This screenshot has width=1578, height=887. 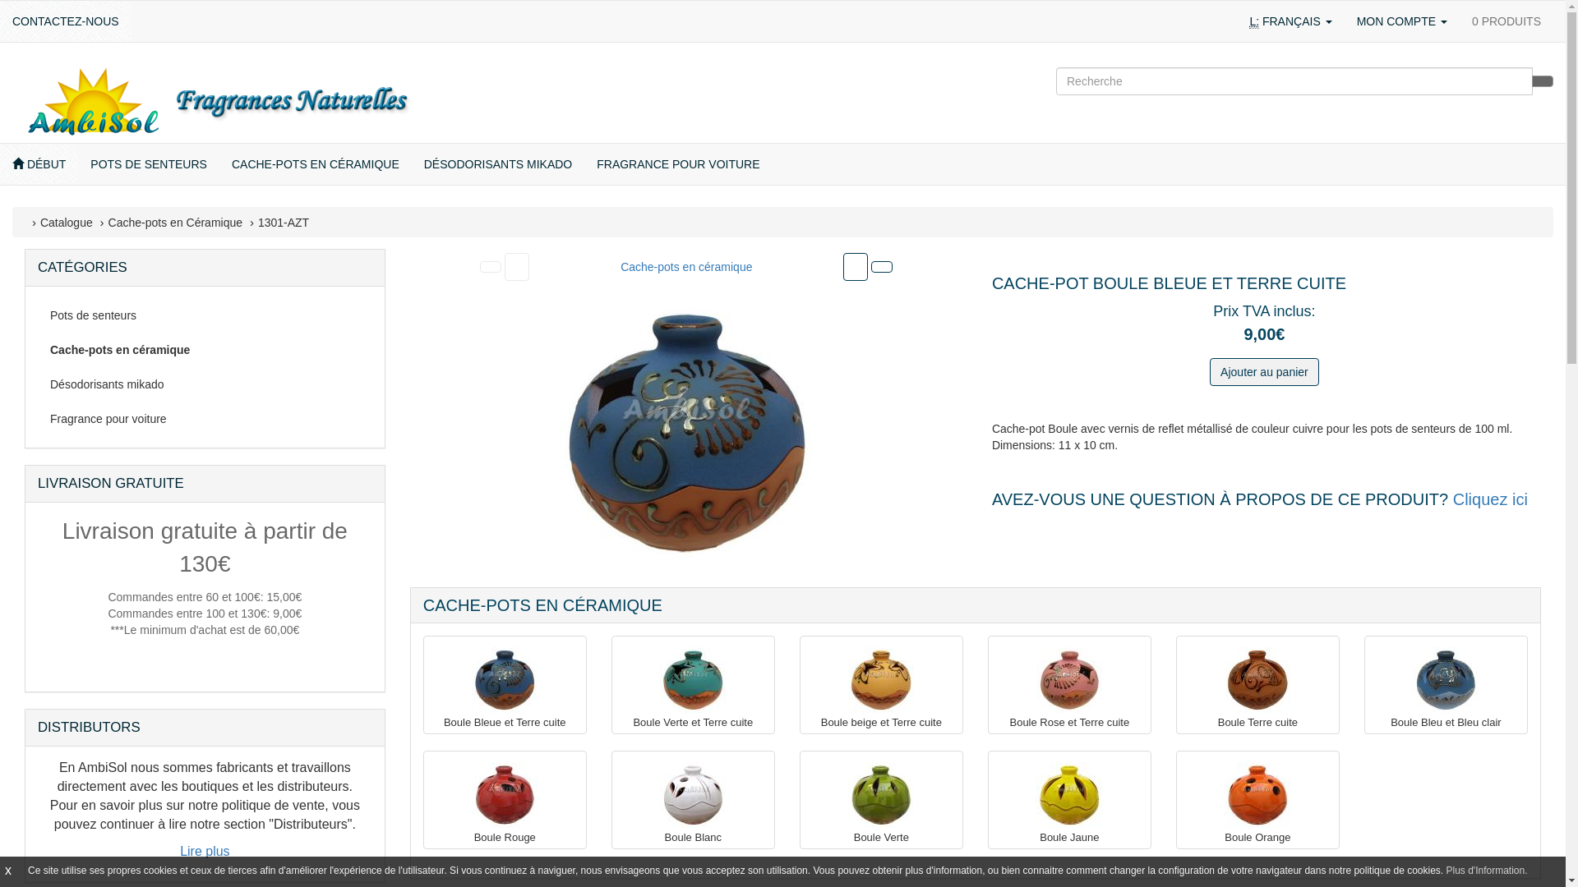 What do you see at coordinates (879, 794) in the screenshot?
I see `'Boule Verte'` at bounding box center [879, 794].